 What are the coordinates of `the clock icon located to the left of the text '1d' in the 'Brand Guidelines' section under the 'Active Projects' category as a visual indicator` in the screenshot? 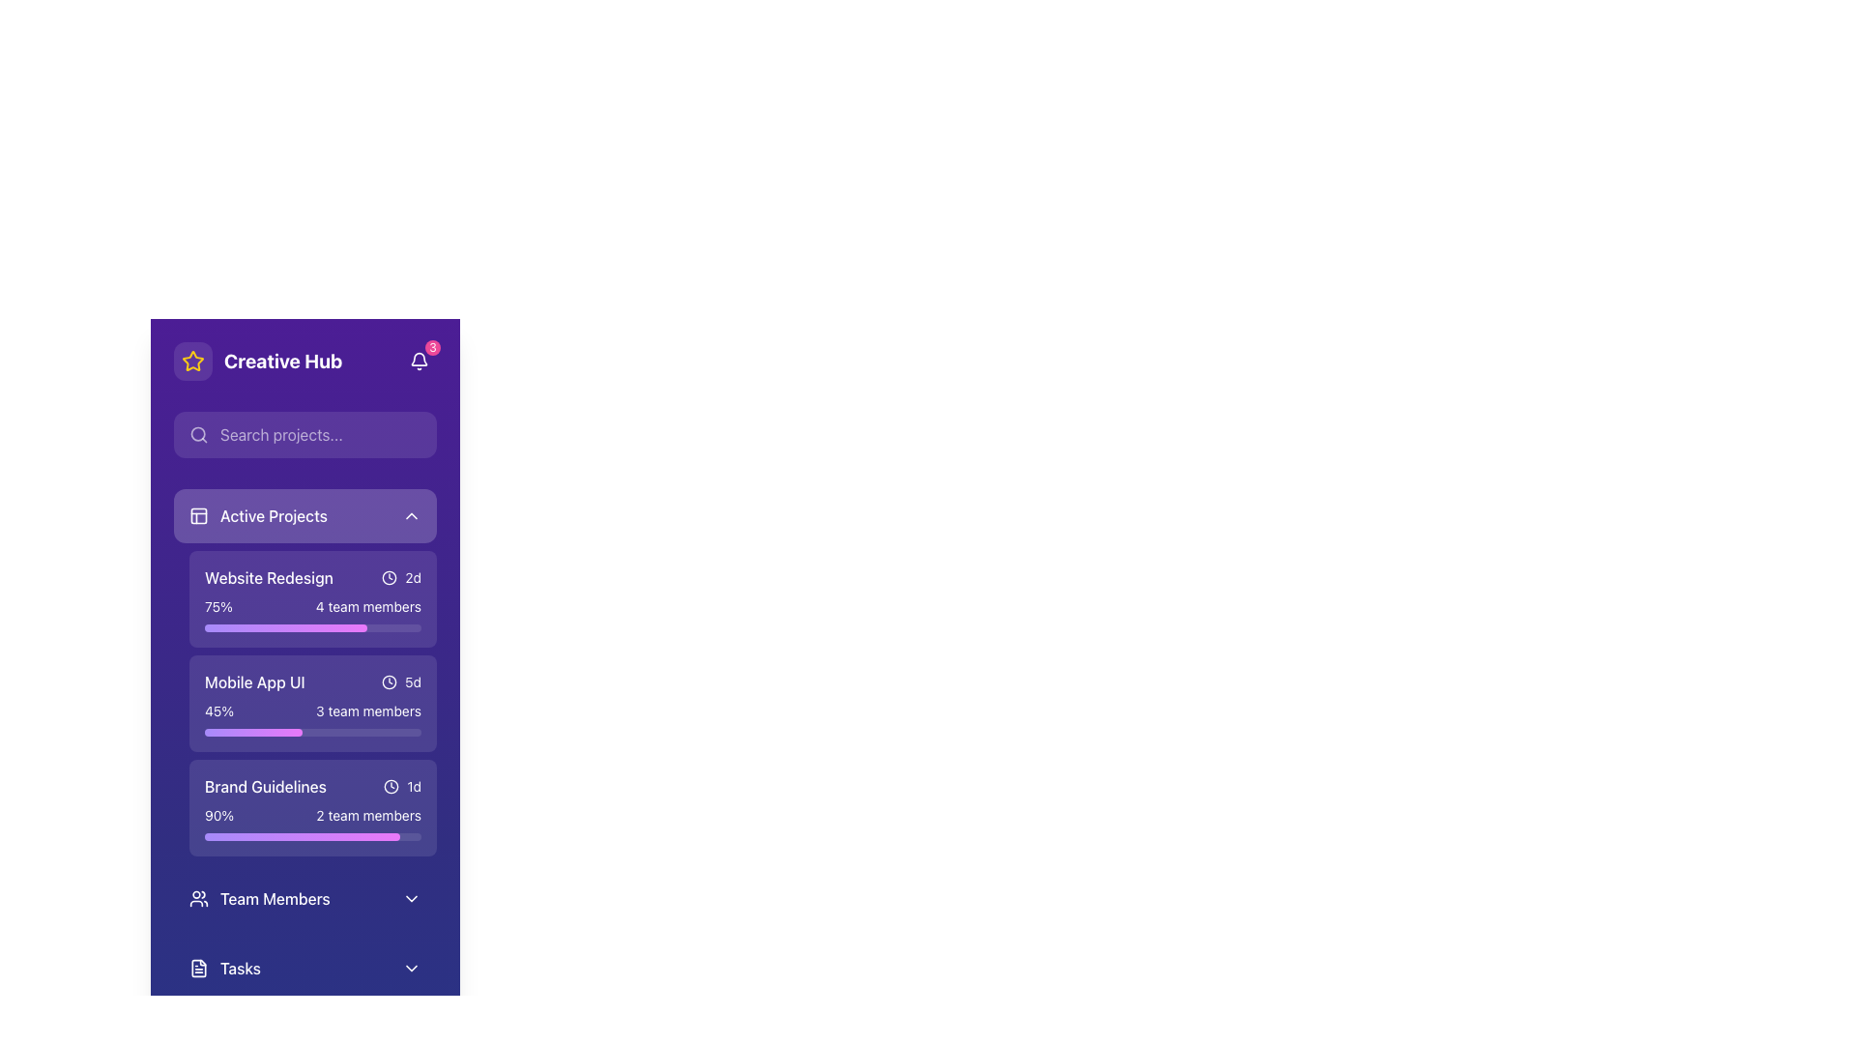 It's located at (391, 786).